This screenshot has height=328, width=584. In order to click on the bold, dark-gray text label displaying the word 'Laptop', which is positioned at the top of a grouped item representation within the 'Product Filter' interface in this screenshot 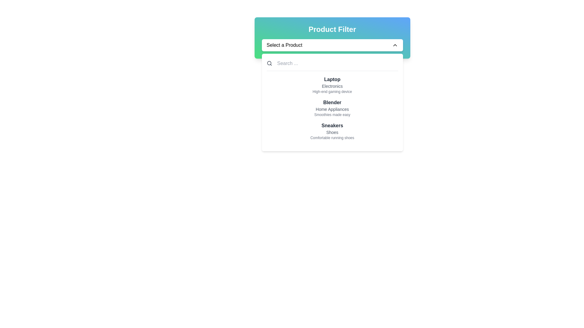, I will do `click(332, 79)`.